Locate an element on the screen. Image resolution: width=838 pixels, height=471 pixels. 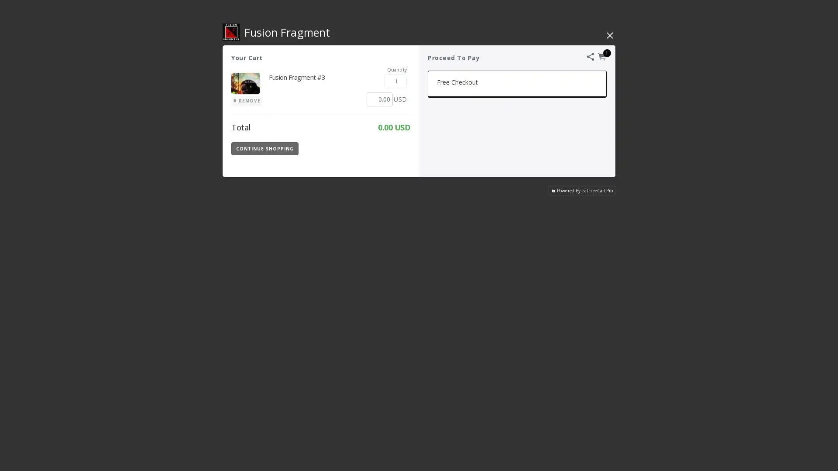
CONTINUE SHOPPING is located at coordinates (264, 148).